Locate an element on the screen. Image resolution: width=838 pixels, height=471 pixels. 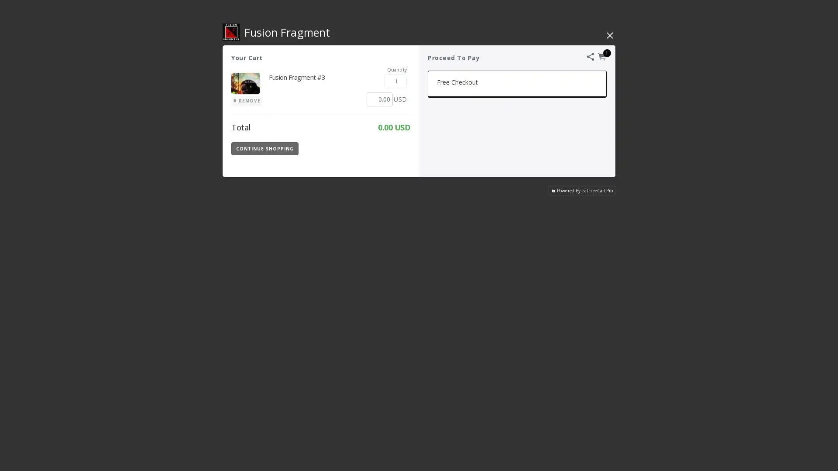
CONTINUE SHOPPING is located at coordinates (264, 148).